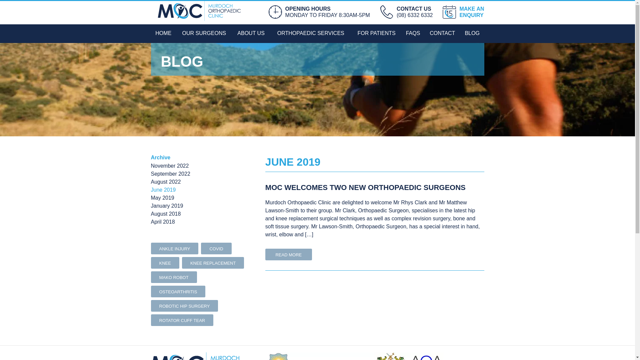 The image size is (640, 360). What do you see at coordinates (376, 33) in the screenshot?
I see `'FOR PATIENTS'` at bounding box center [376, 33].